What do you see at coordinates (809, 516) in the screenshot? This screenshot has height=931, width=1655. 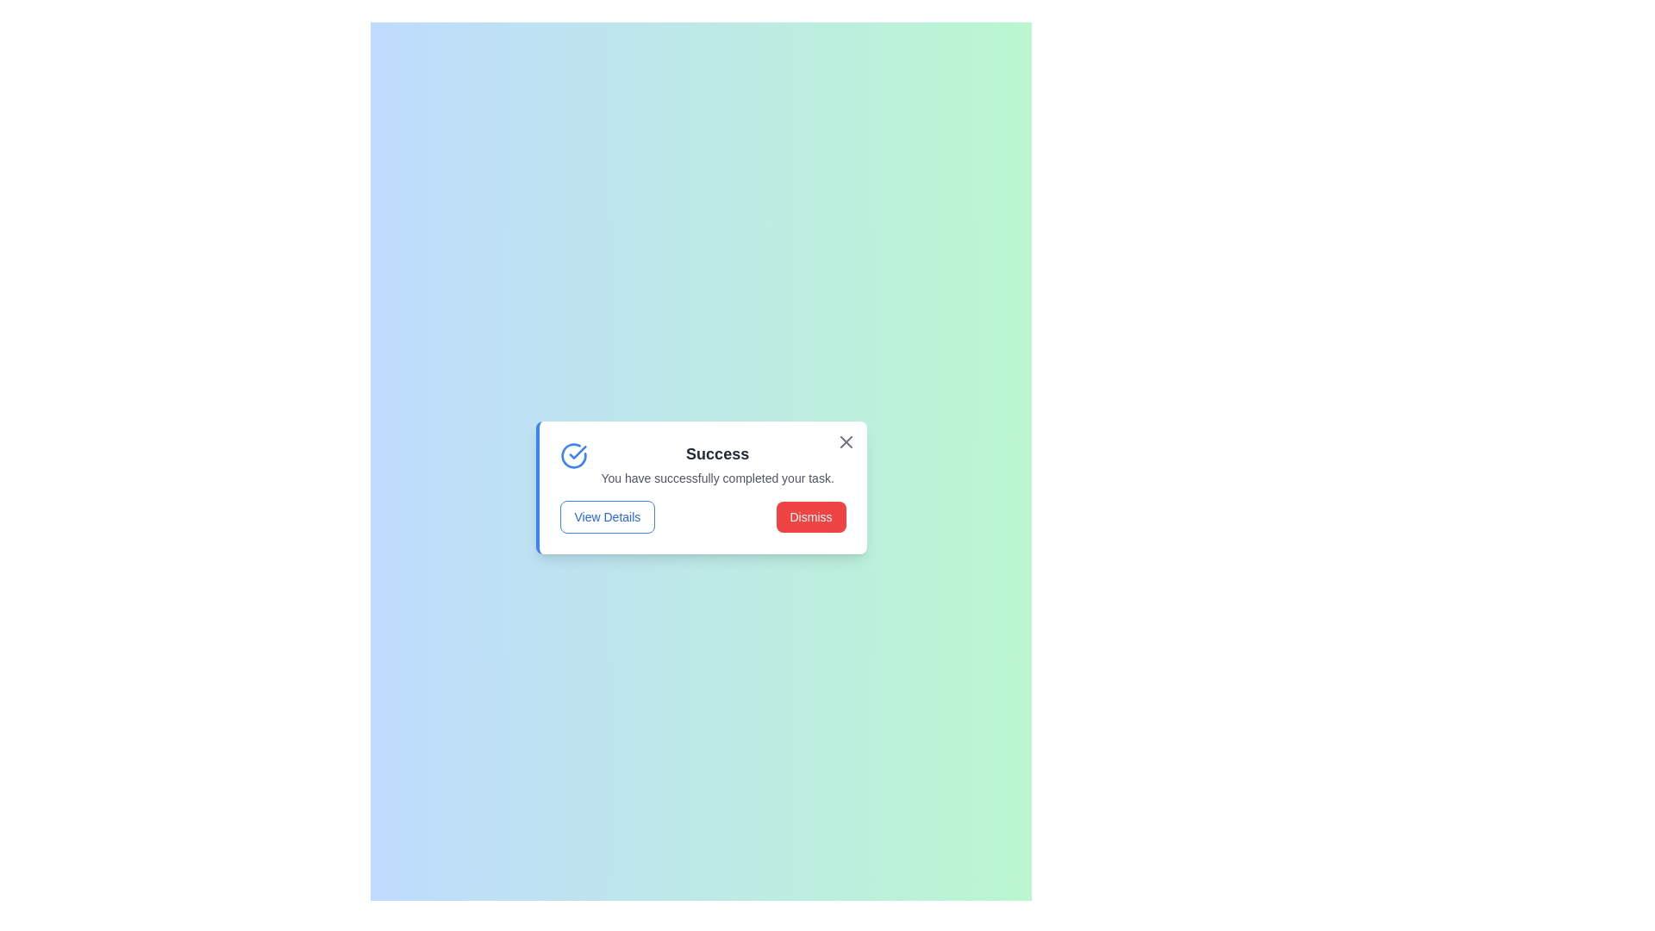 I see `the 'Dismiss' button to close the alert` at bounding box center [809, 516].